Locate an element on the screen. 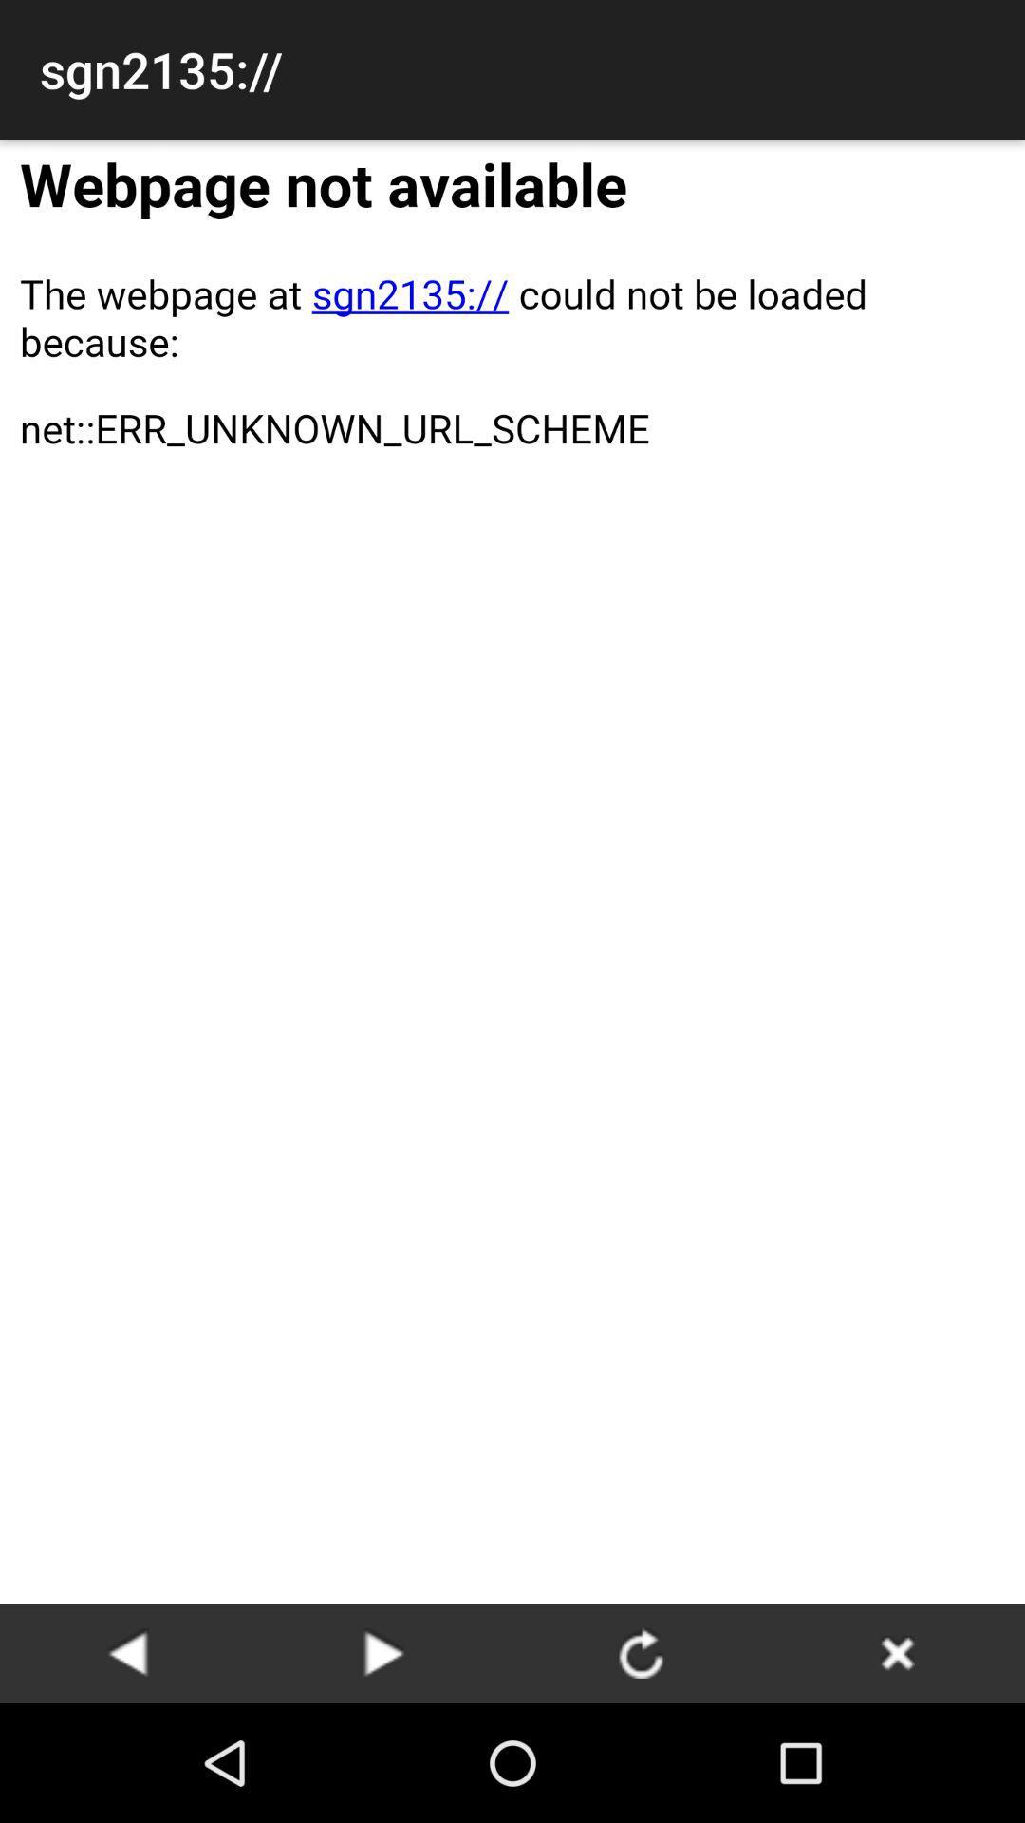  previous is located at coordinates (128, 1652).